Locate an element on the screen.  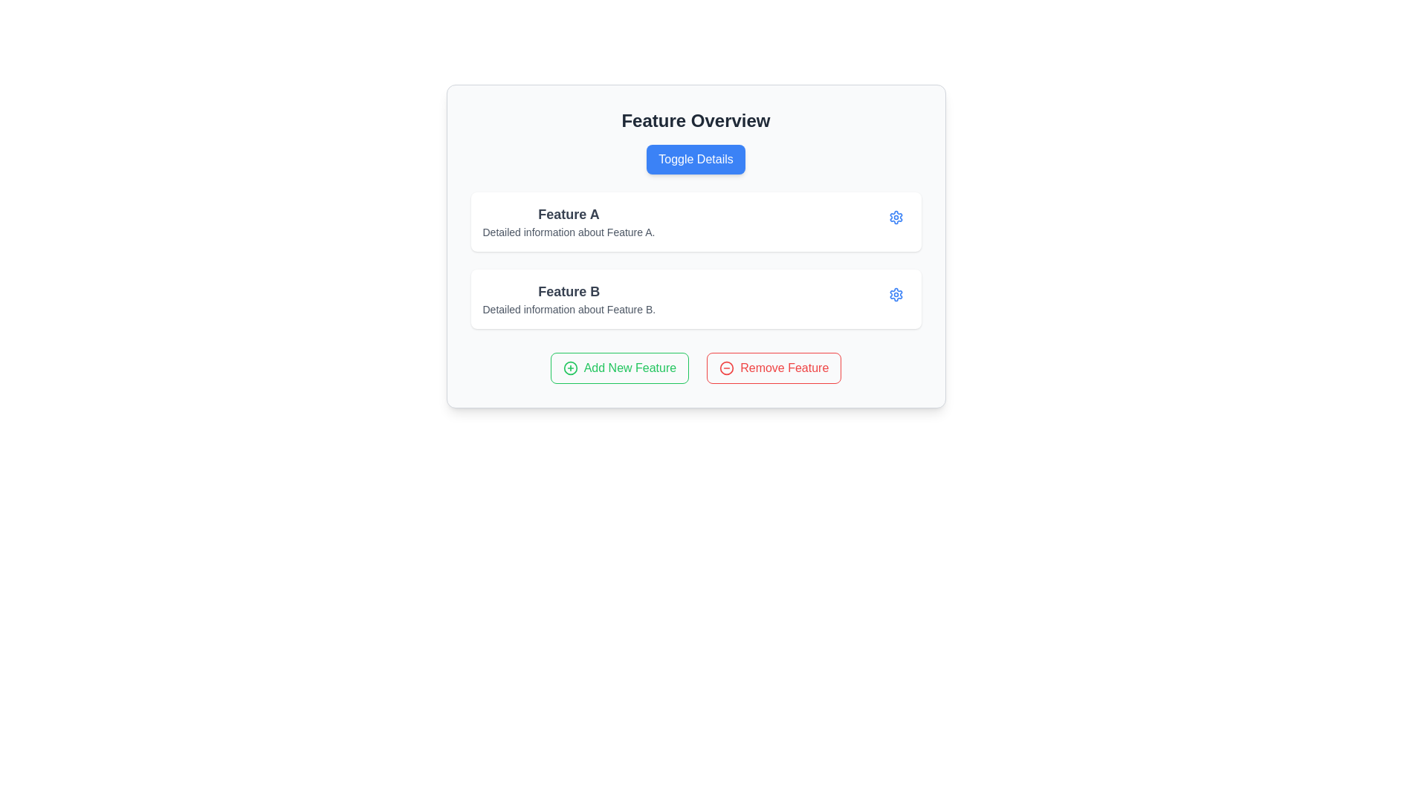
the solid circular icon within the larger SVG component that represents a sub-component of the SVG is located at coordinates (727, 368).